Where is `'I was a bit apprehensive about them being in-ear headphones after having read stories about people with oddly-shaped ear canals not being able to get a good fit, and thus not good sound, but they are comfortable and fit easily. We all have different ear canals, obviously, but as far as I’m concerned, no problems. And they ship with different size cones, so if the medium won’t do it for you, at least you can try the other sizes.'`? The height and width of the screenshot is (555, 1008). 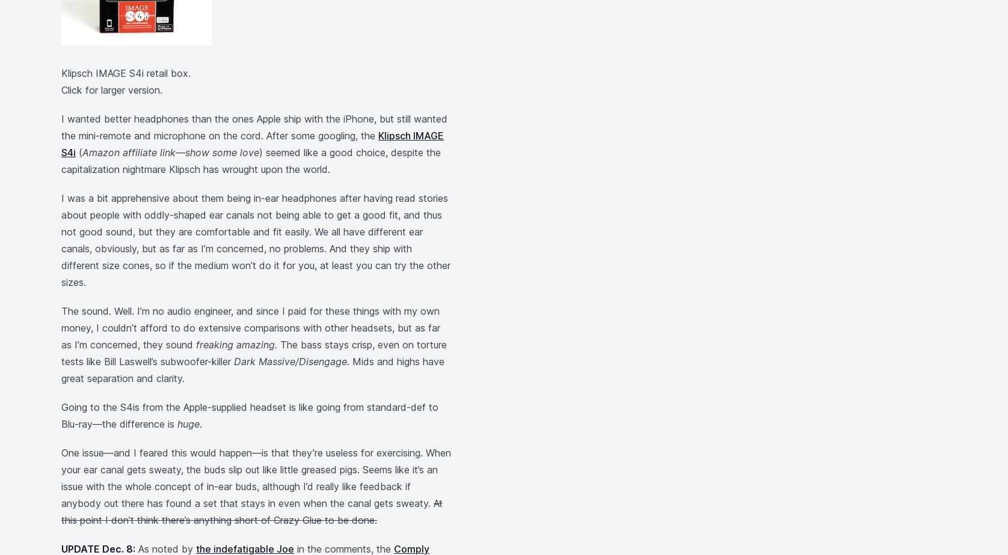 'I was a bit apprehensive about them being in-ear headphones after having read stories about people with oddly-shaped ear canals not being able to get a good fit, and thus not good sound, but they are comfortable and fit easily. We all have different ear canals, obviously, but as far as I’m concerned, no problems. And they ship with different size cones, so if the medium won’t do it for you, at least you can try the other sizes.' is located at coordinates (256, 240).